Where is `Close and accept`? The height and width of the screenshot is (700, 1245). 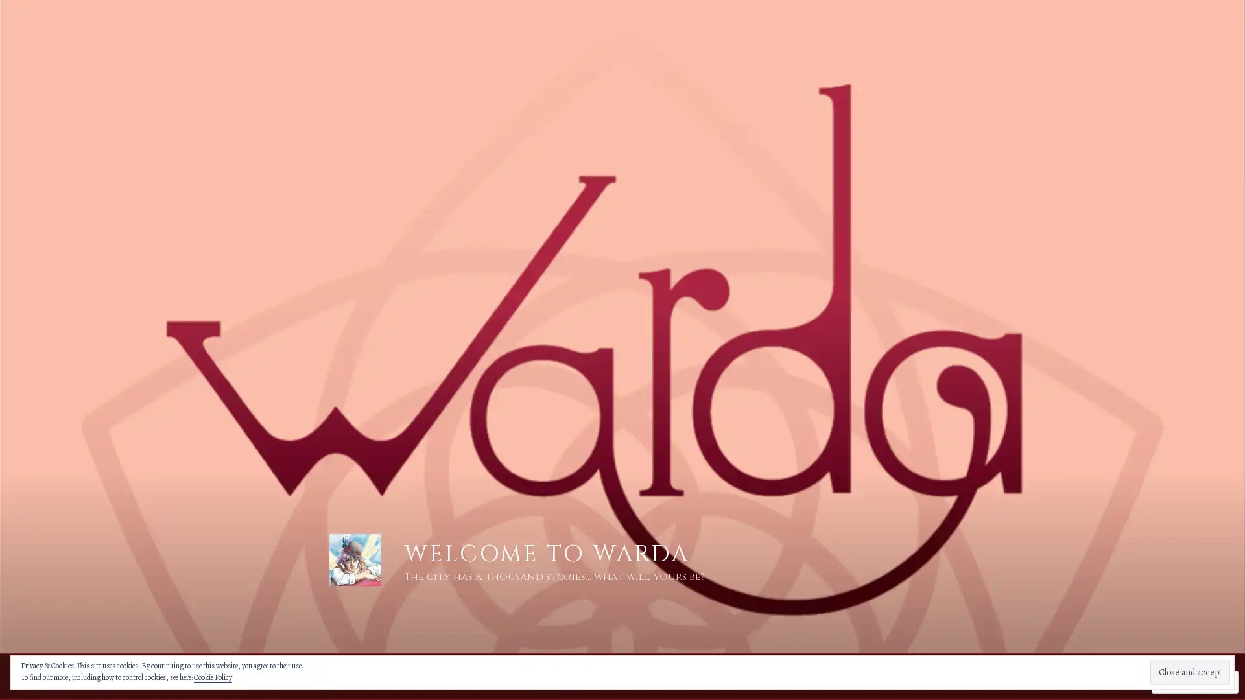 Close and accept is located at coordinates (1190, 671).